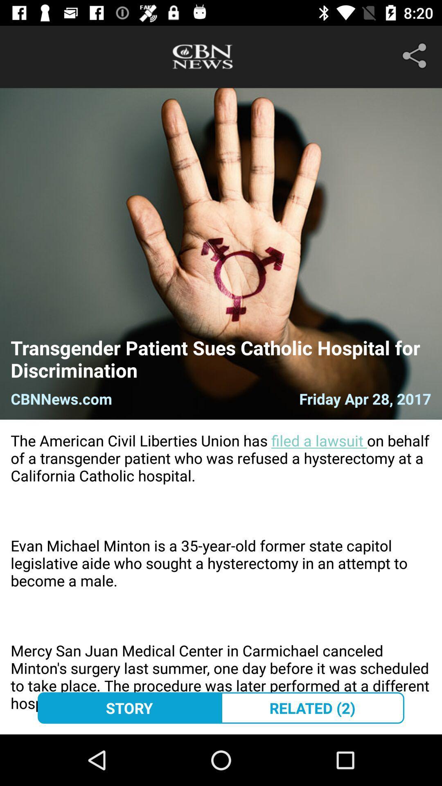 The image size is (442, 786). I want to click on icon to the left of related (2) icon, so click(129, 707).